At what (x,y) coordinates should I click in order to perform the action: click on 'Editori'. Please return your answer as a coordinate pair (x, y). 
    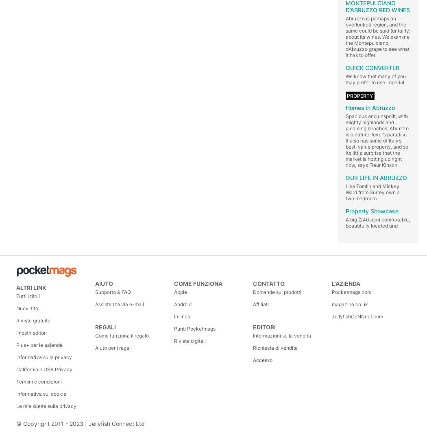
    Looking at the image, I should click on (264, 327).